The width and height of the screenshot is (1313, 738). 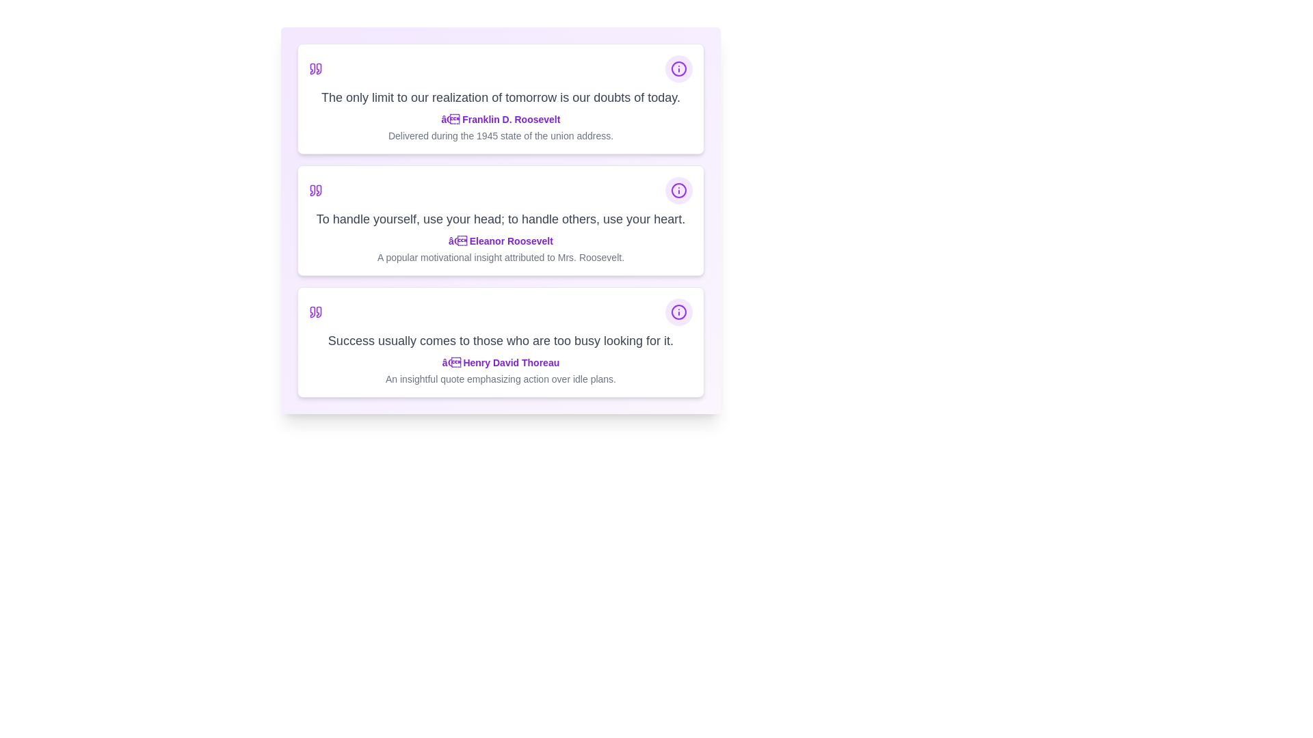 I want to click on the SVG graphic icon representing quotes located at the top-left corner of the quote card, so click(x=315, y=190).